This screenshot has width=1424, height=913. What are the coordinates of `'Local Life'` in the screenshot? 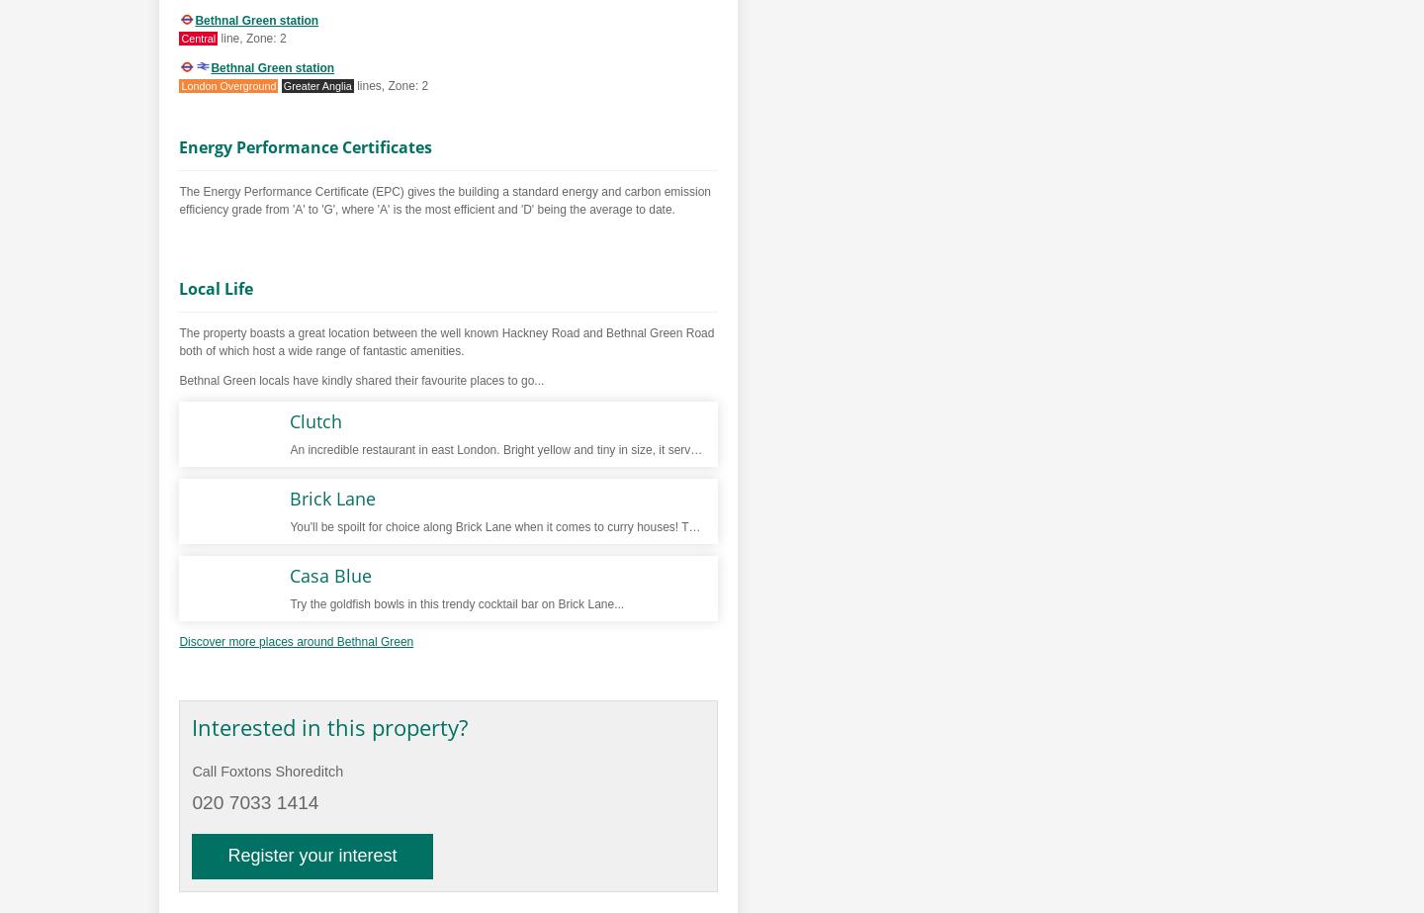 It's located at (216, 289).